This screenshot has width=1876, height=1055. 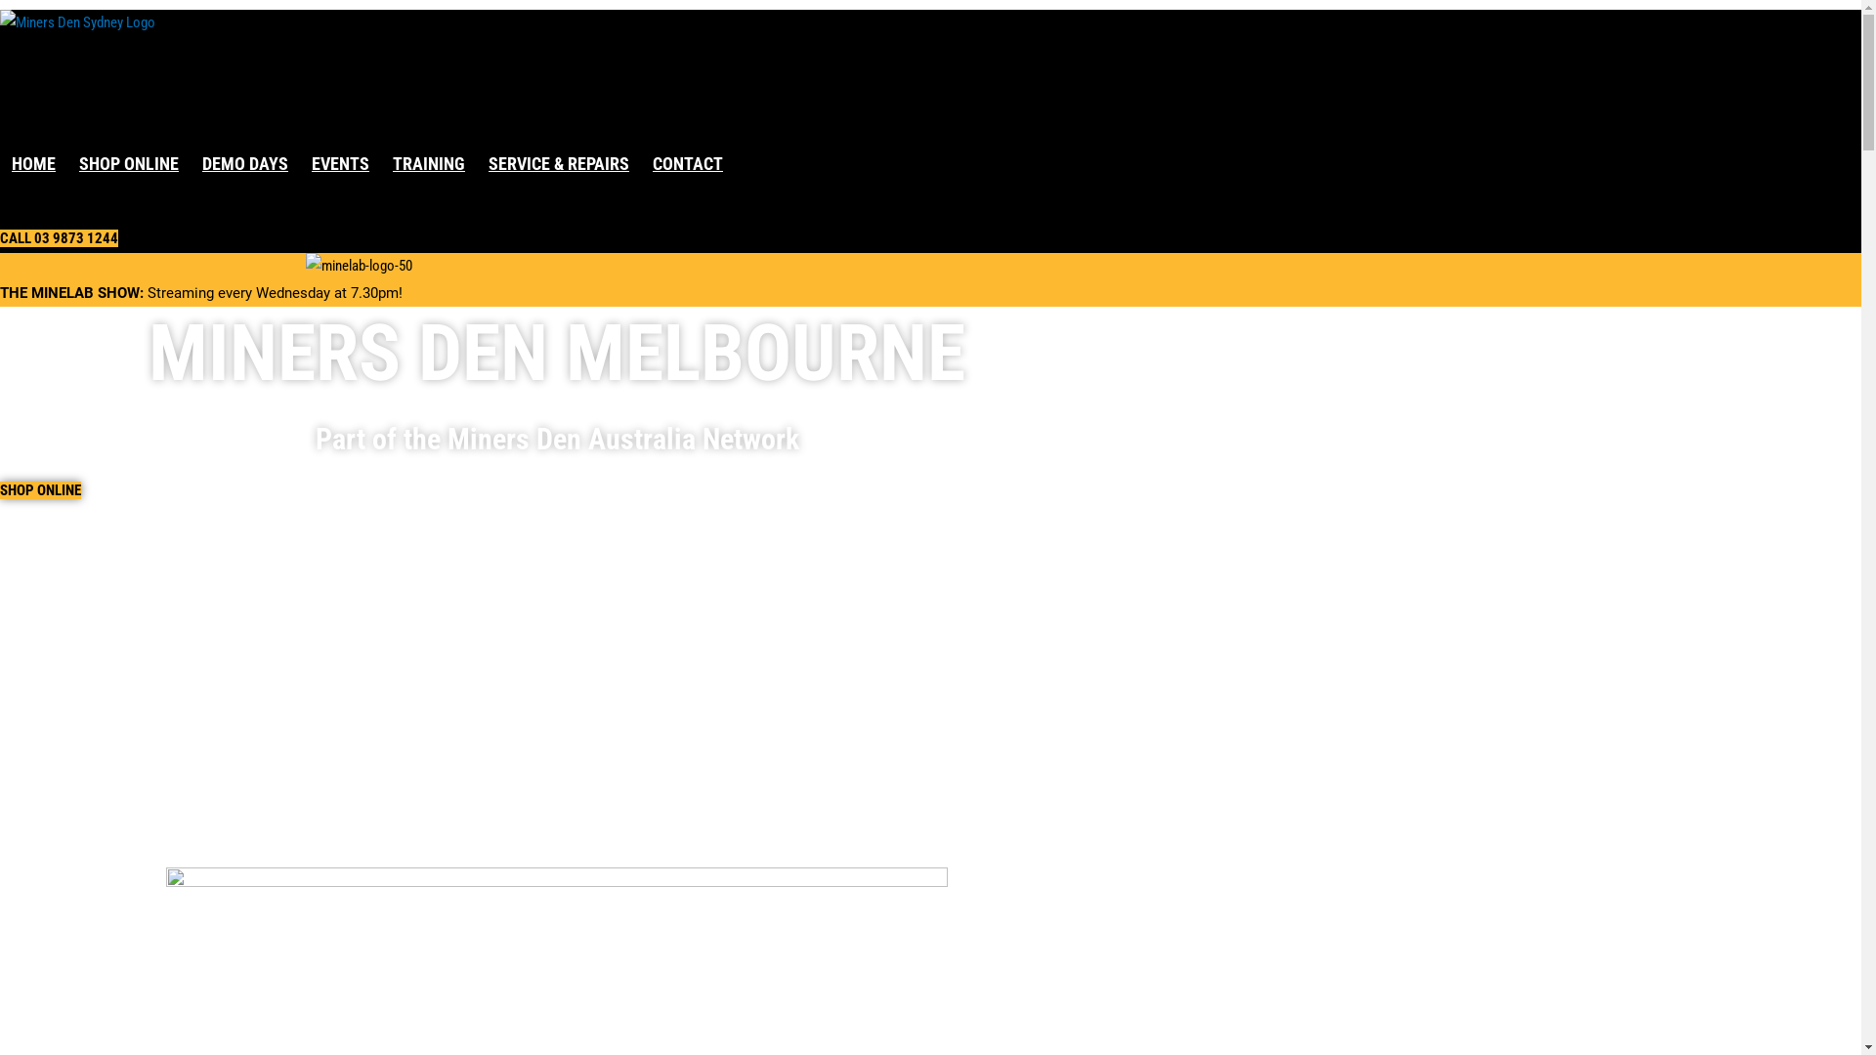 I want to click on 'minelab-logo-50', so click(x=359, y=267).